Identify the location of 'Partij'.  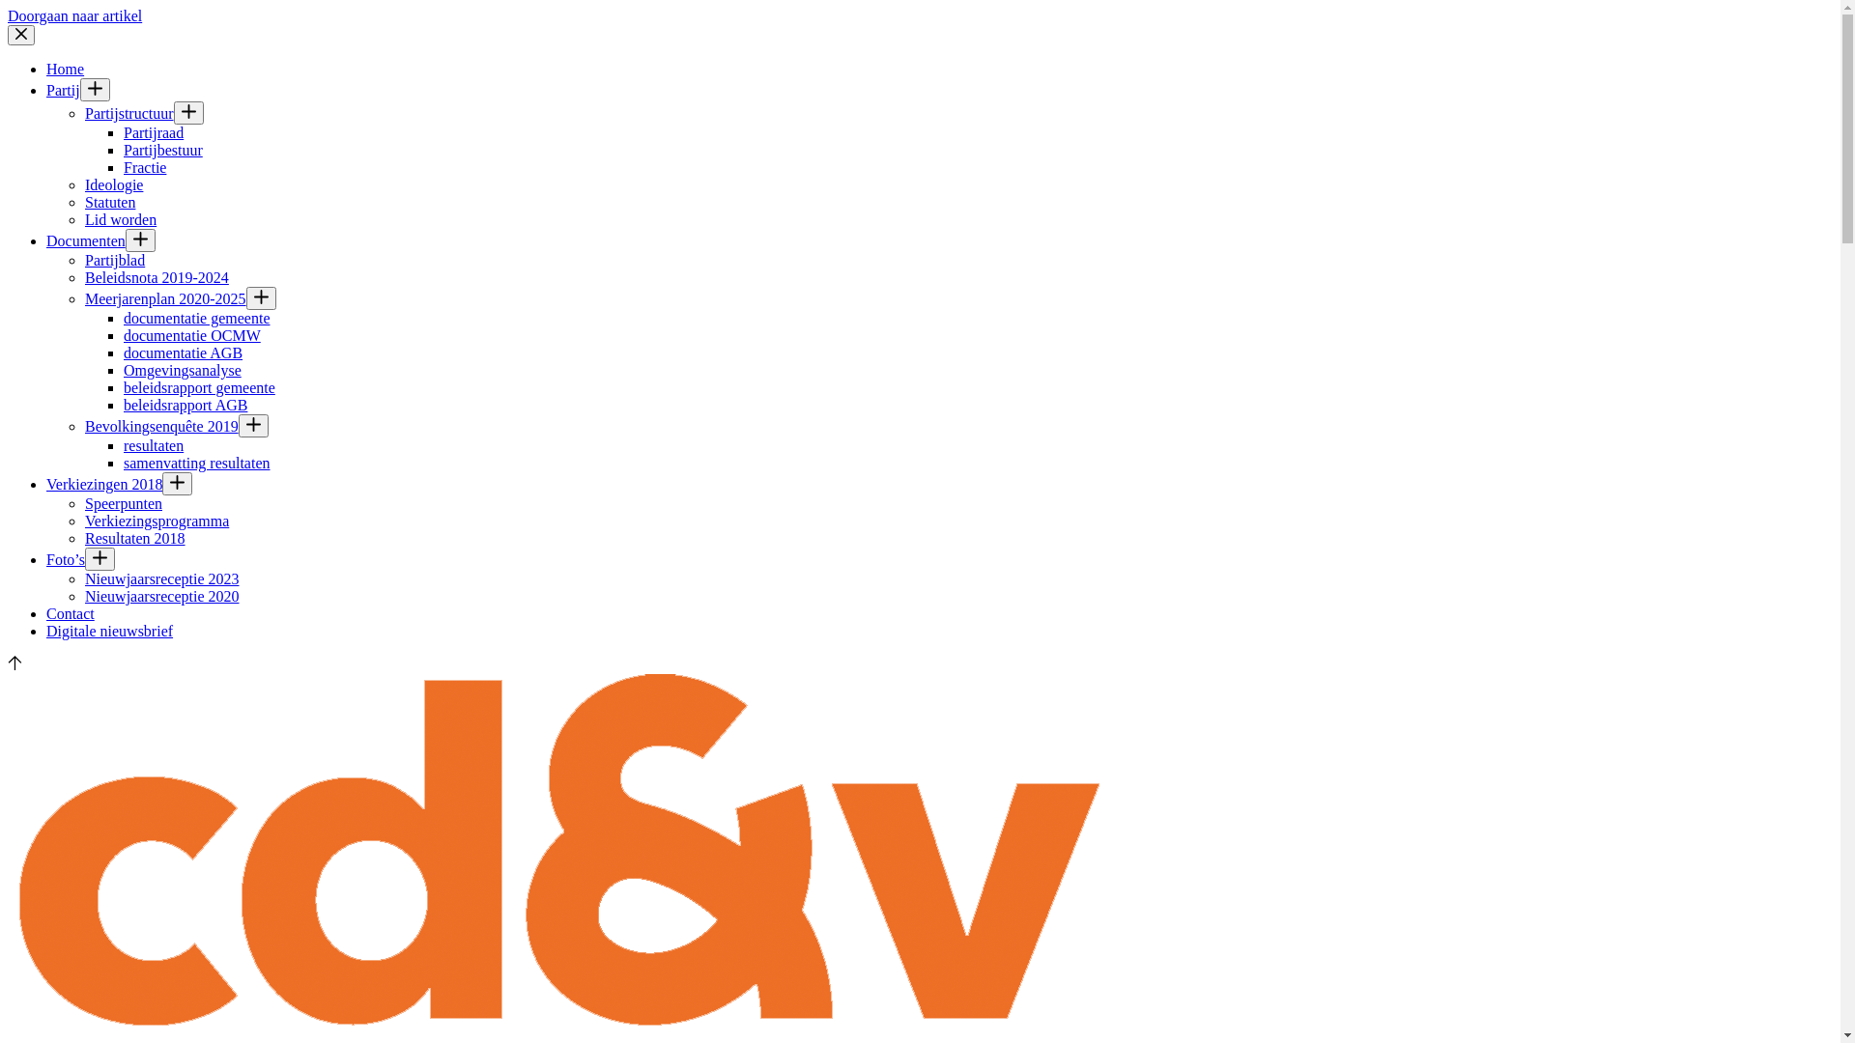
(63, 90).